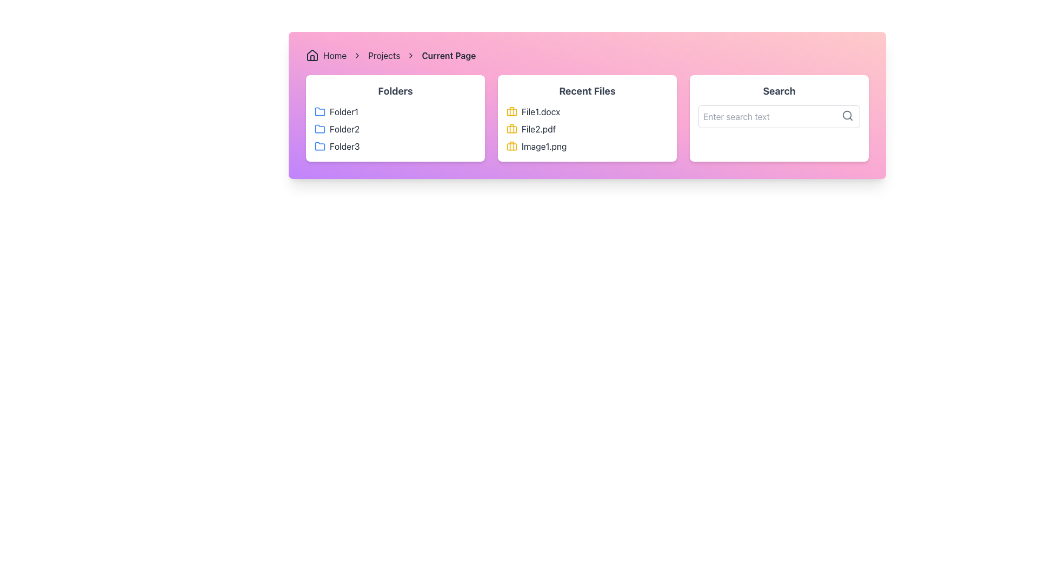 This screenshot has height=584, width=1038. What do you see at coordinates (538, 129) in the screenshot?
I see `the text label displaying 'File2.pdf', which is the second item in the 'Recent Files' list, located in the center column of the layout` at bounding box center [538, 129].